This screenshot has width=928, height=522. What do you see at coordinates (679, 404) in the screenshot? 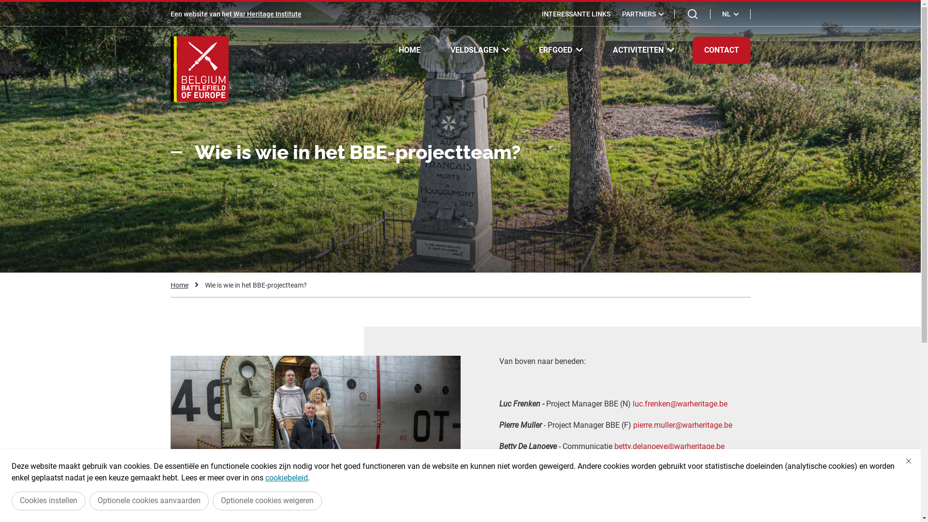
I see `'luc.frenken@warheritage.be'` at bounding box center [679, 404].